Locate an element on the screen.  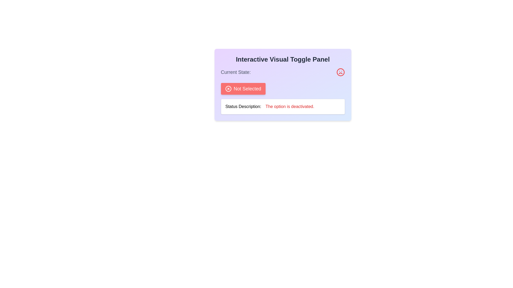
header text located at the topmost section of the styled panel, which provides context for the content presented in the panel is located at coordinates (282, 59).